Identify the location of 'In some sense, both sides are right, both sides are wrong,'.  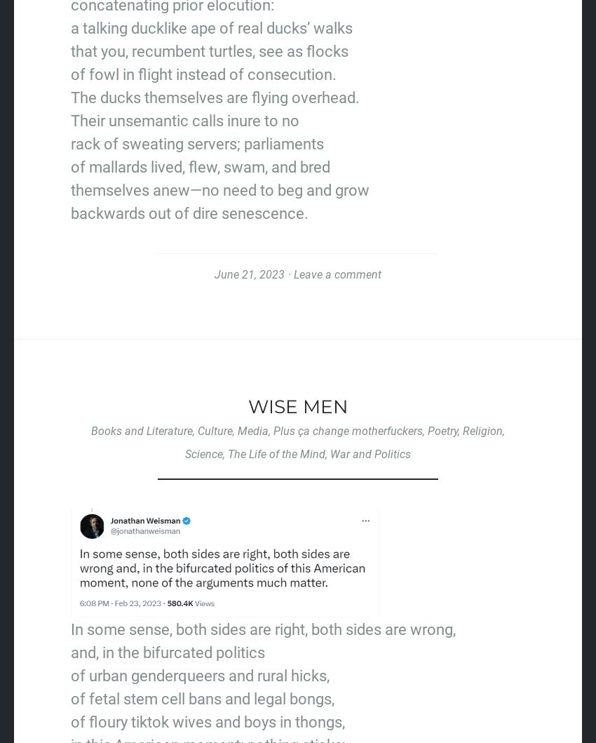
(262, 629).